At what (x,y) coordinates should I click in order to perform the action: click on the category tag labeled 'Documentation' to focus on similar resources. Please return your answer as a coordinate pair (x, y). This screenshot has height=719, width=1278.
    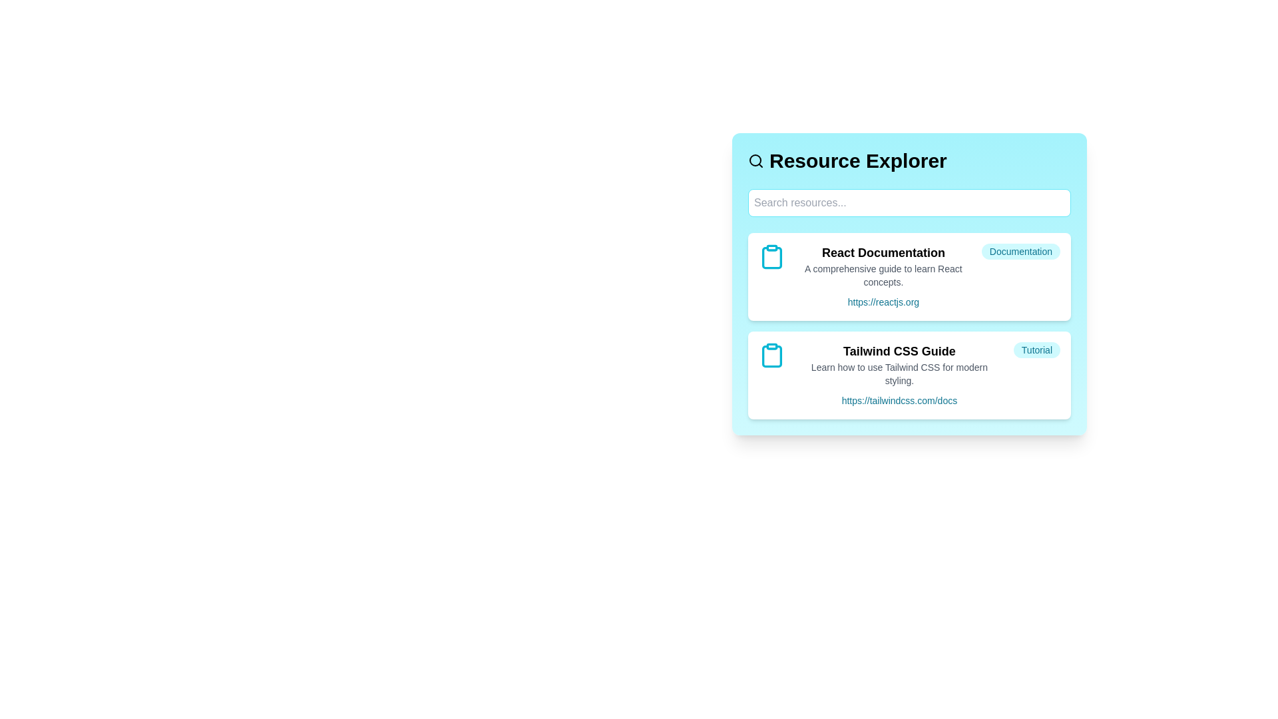
    Looking at the image, I should click on (1020, 252).